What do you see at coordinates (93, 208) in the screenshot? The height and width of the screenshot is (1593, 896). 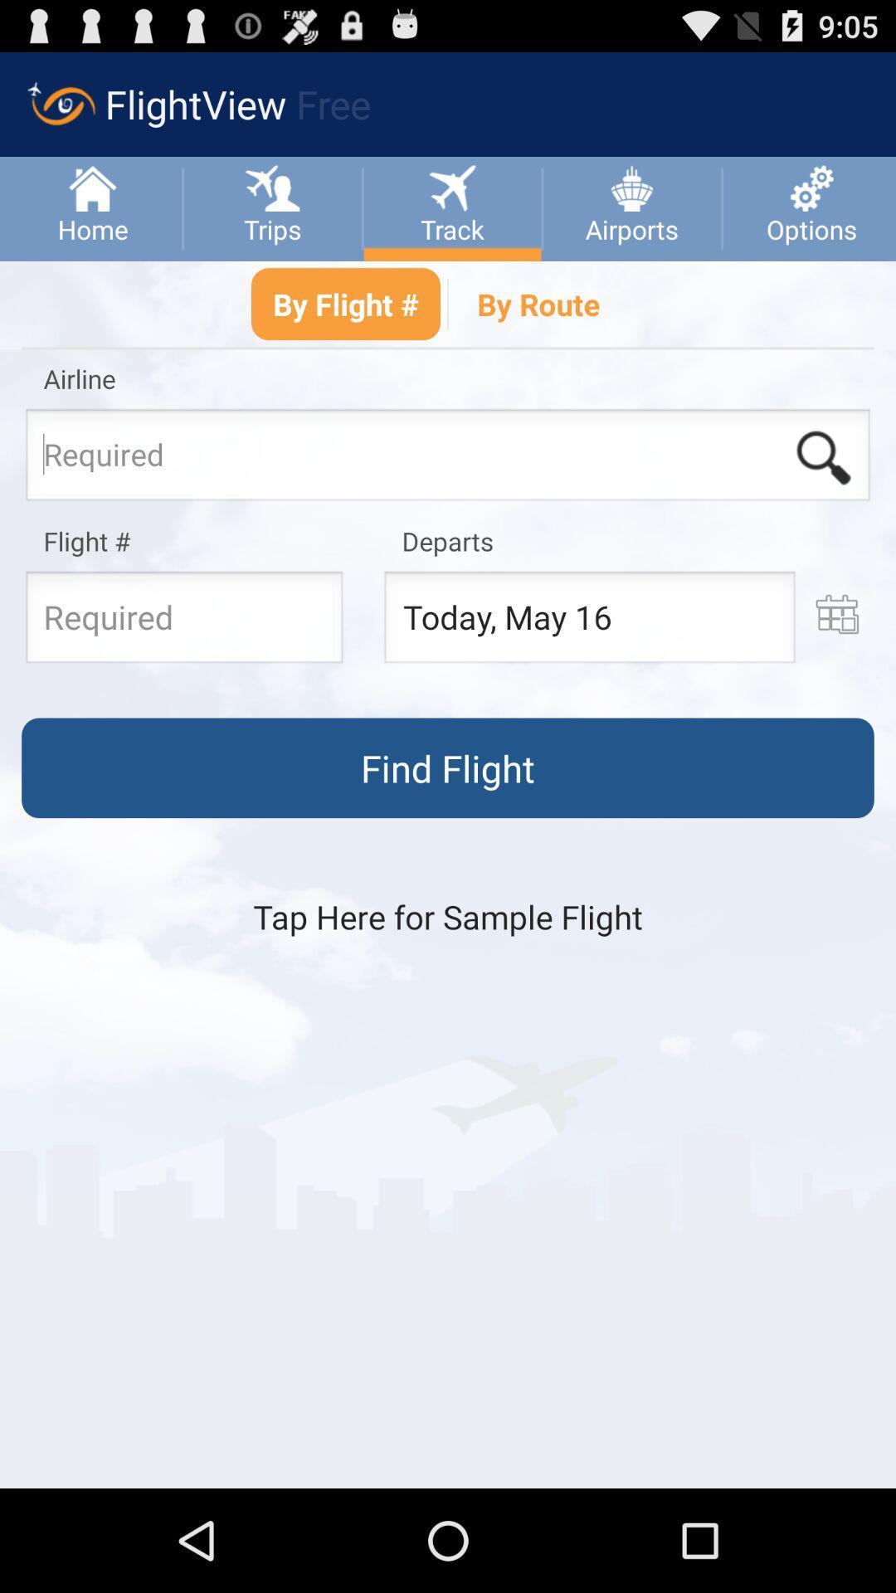 I see `the home option` at bounding box center [93, 208].